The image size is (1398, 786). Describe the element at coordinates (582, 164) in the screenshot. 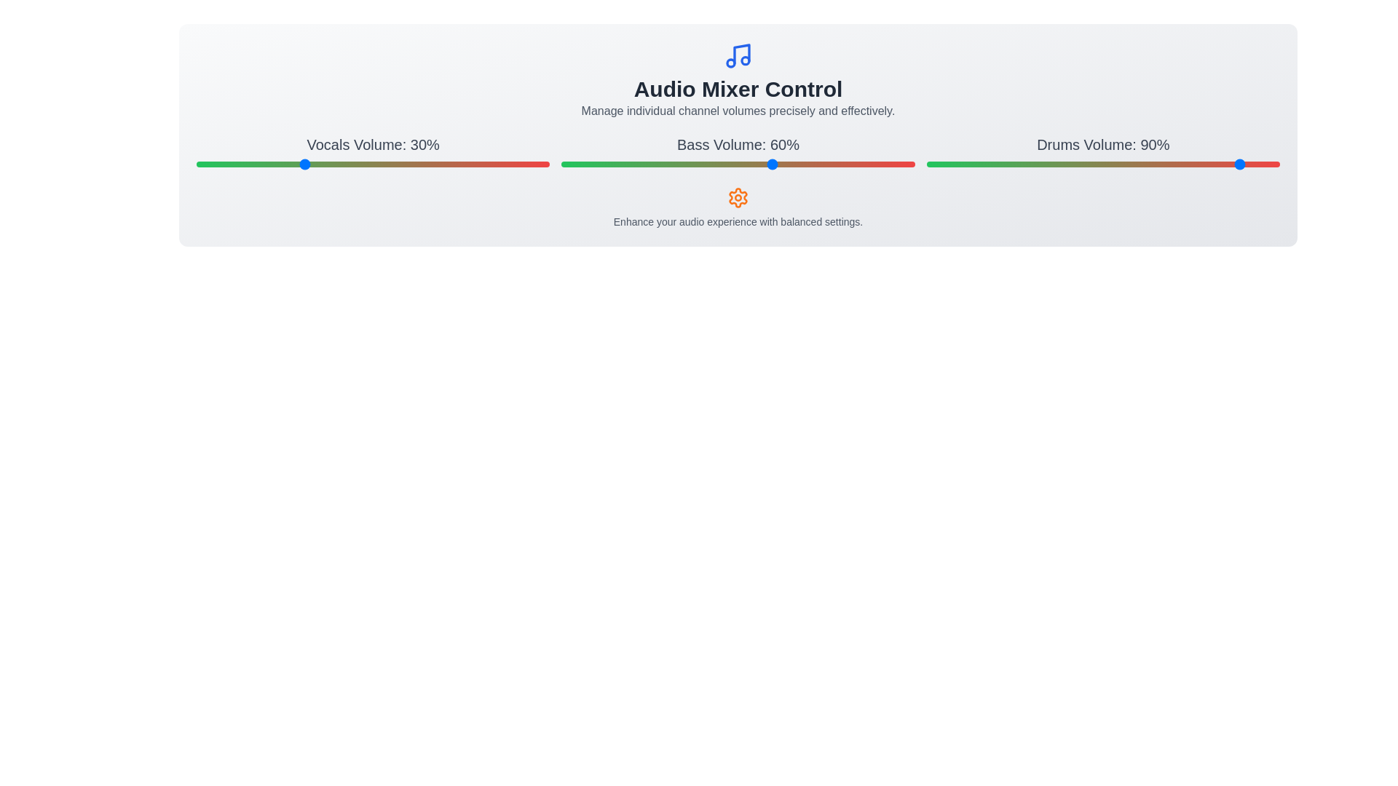

I see `the 'Bass' volume slider to 6%` at that location.